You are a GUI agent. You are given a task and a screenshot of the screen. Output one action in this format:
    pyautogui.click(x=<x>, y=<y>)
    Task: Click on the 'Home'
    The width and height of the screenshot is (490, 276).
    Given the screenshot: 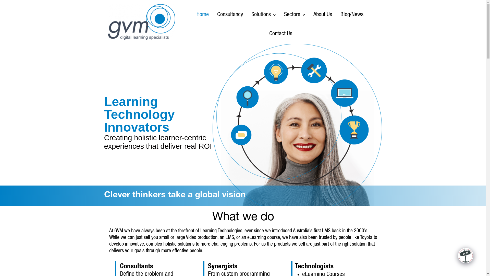 What is the action you would take?
    pyautogui.click(x=192, y=15)
    